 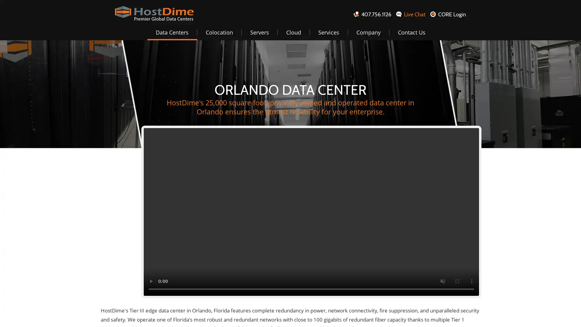 I want to click on unmute, so click(x=443, y=281).